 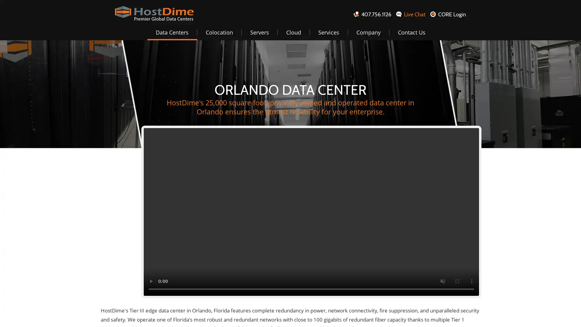 I want to click on unmute, so click(x=443, y=281).